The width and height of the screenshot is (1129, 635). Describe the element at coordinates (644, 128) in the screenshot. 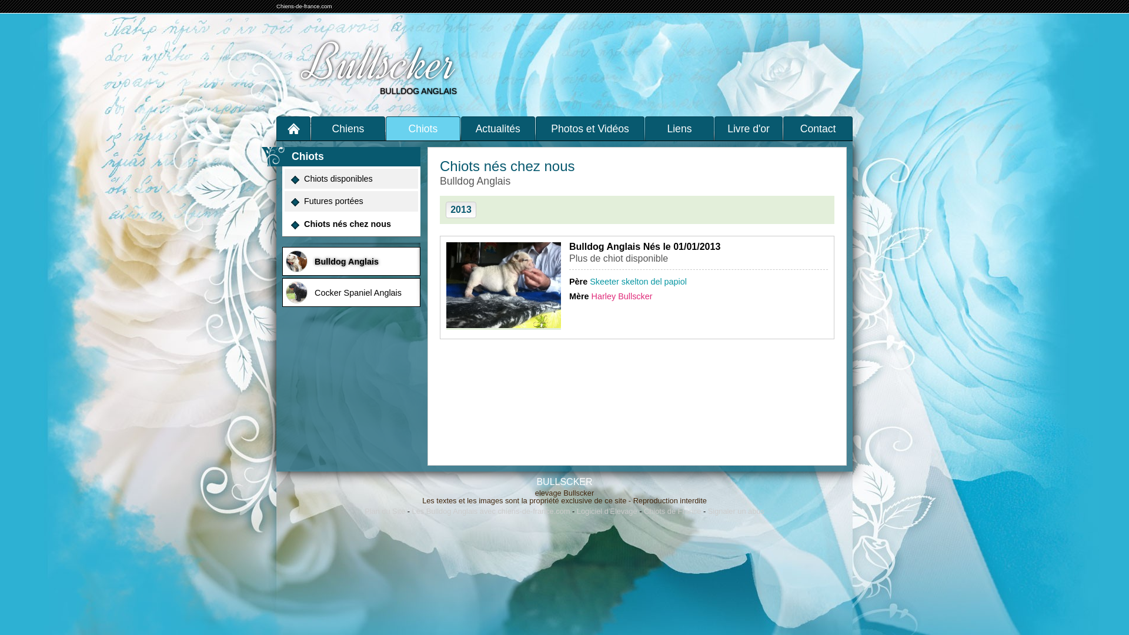

I see `'Liens'` at that location.